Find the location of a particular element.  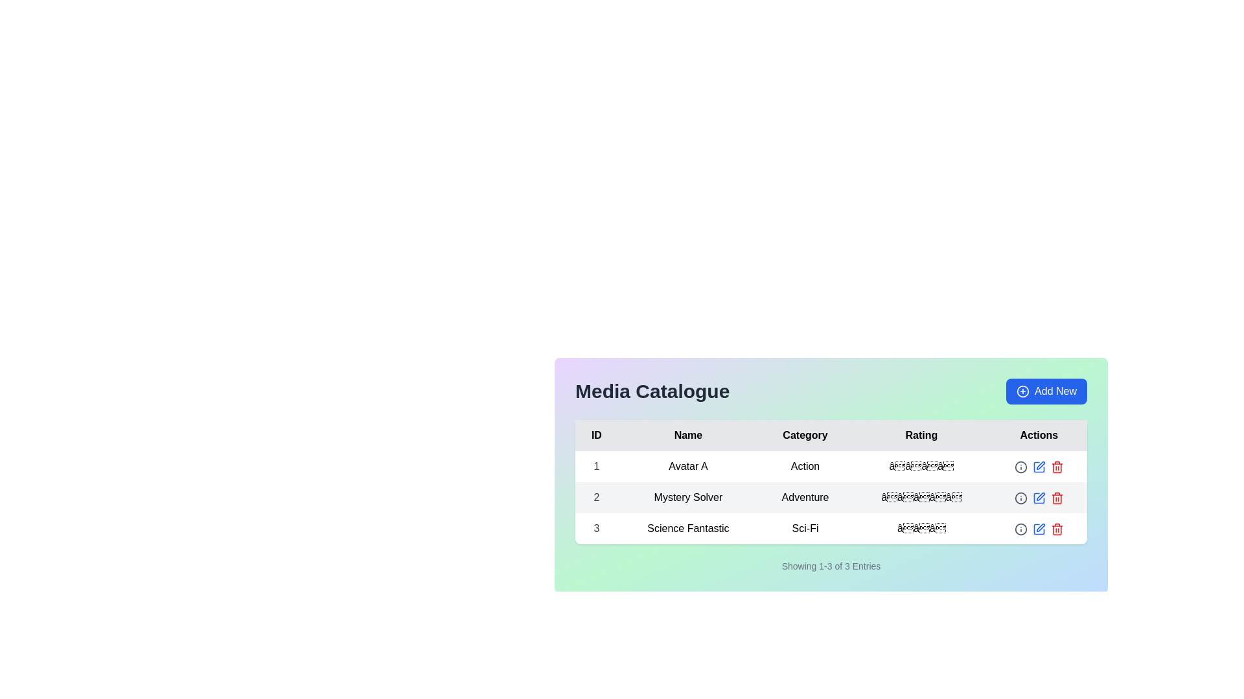

the text label 'Science Fantastic' located in the third row under the 'Name' column of the 'Media Catalogue' table is located at coordinates (687, 529).